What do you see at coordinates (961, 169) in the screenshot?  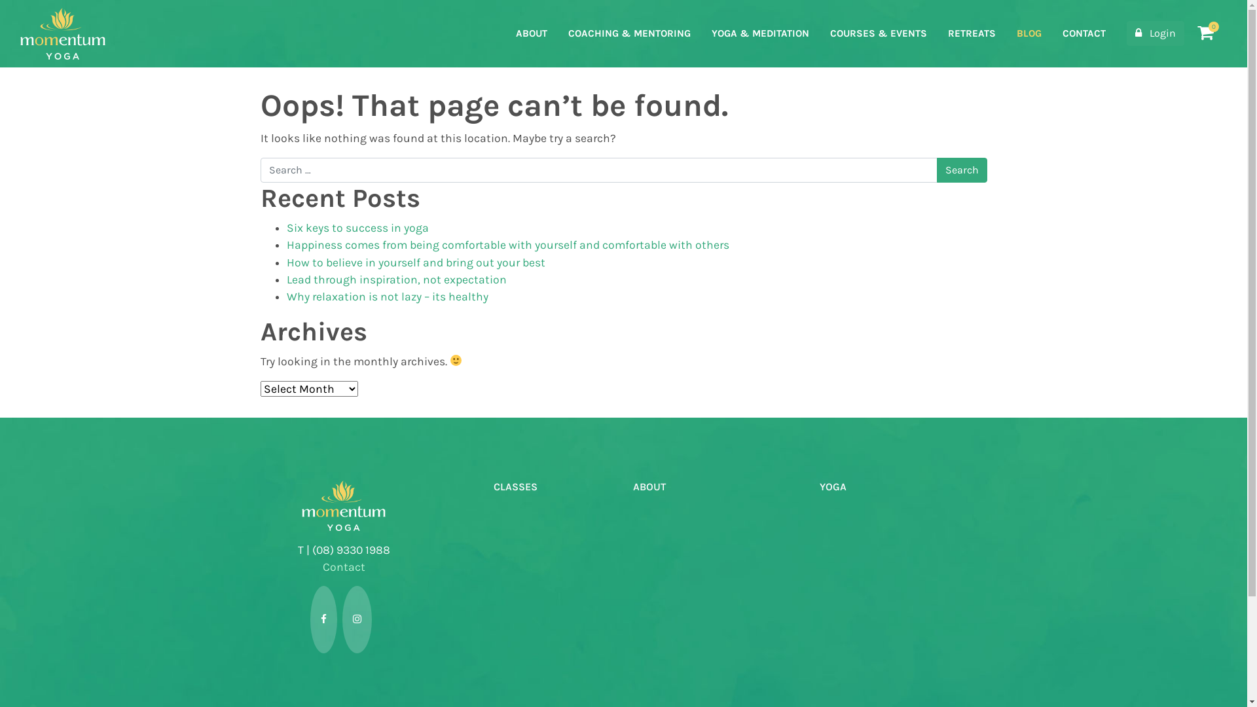 I see `'Search'` at bounding box center [961, 169].